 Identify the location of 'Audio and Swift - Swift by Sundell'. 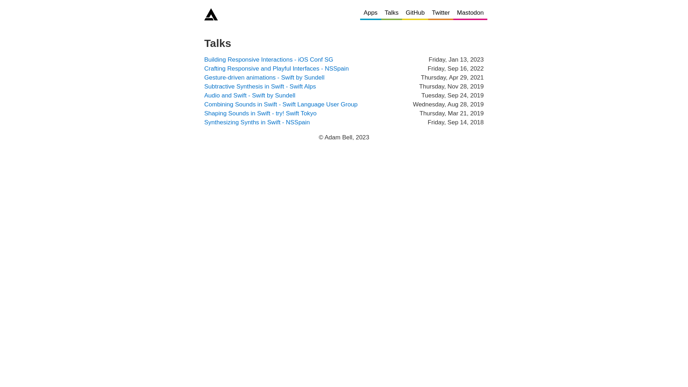
(204, 95).